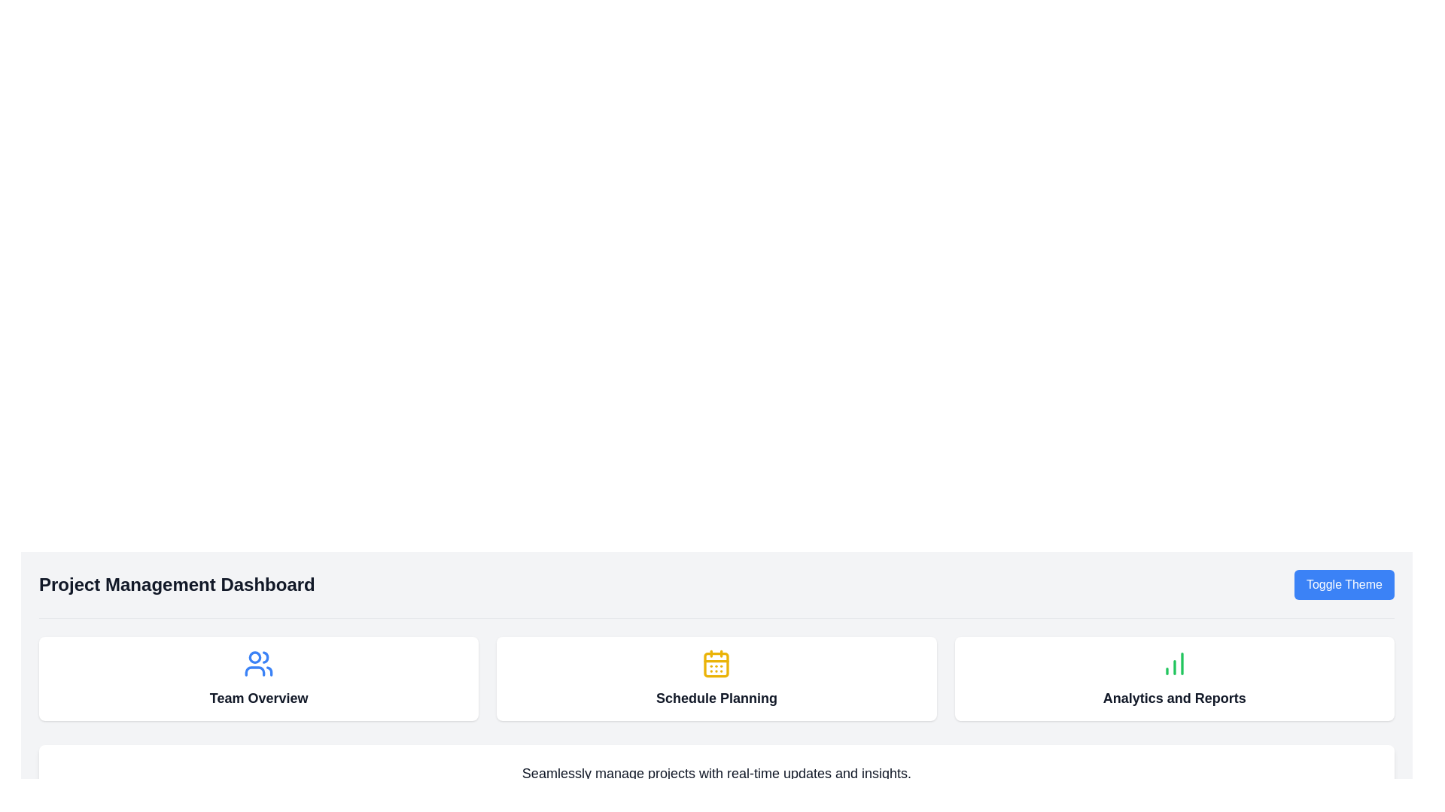  What do you see at coordinates (716, 664) in the screenshot?
I see `the central background of the calendar icon located in the 'Schedule Planning' section of the interface` at bounding box center [716, 664].